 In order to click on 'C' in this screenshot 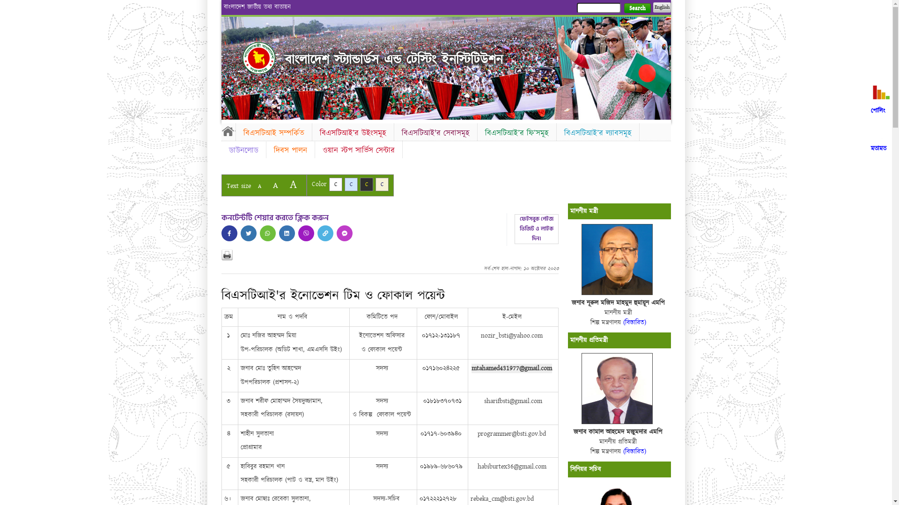, I will do `click(382, 184)`.